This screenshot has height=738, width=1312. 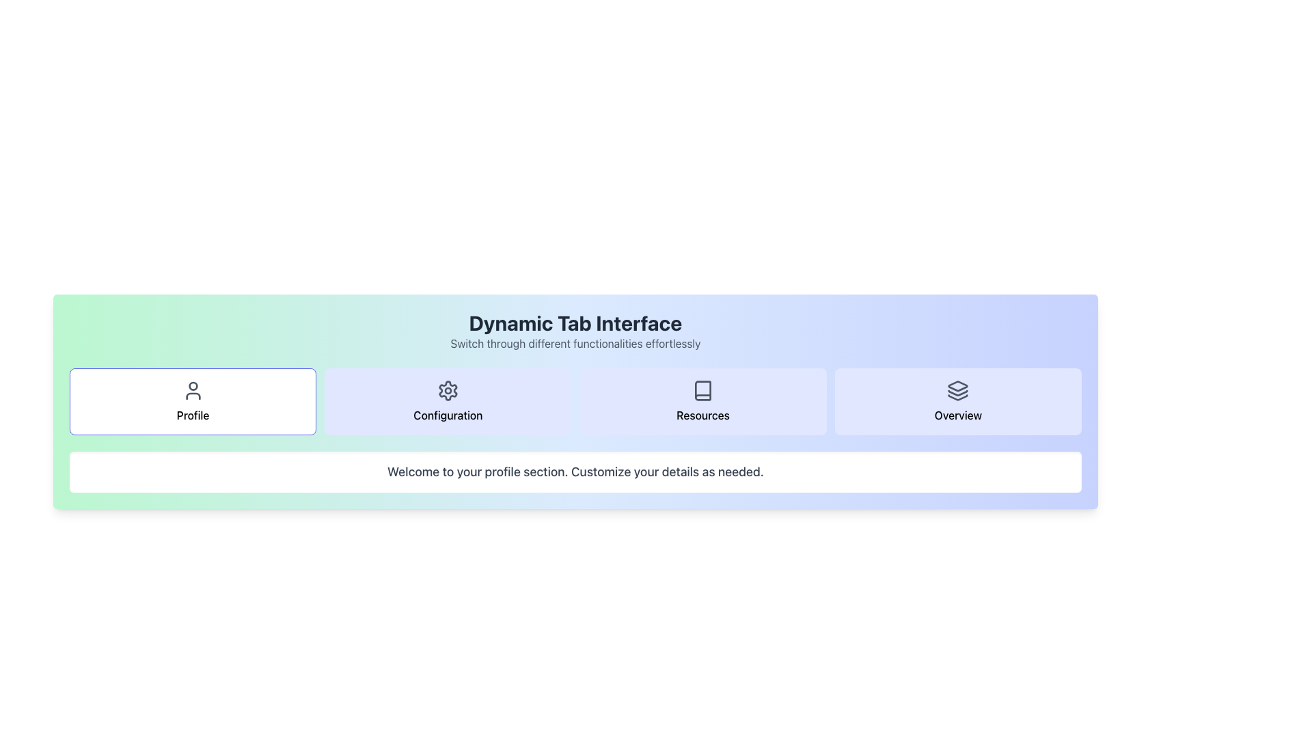 I want to click on the 'Profile' button icon located in the upper part of the 'Profile' button in the horizontal navigation bar, so click(x=192, y=390).